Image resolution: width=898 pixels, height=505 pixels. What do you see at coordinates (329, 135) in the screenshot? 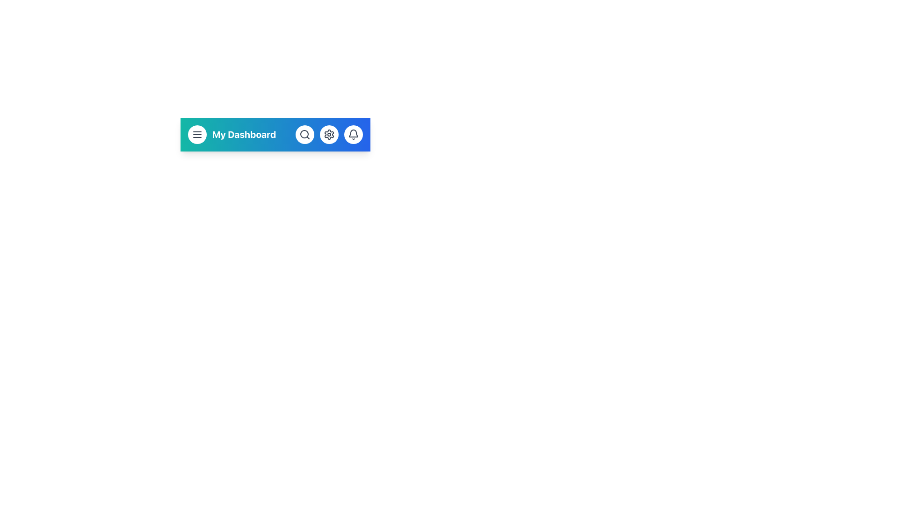
I see `the circular settings icon with a cogwheel symbol, located in the blue gradient toolbar` at bounding box center [329, 135].